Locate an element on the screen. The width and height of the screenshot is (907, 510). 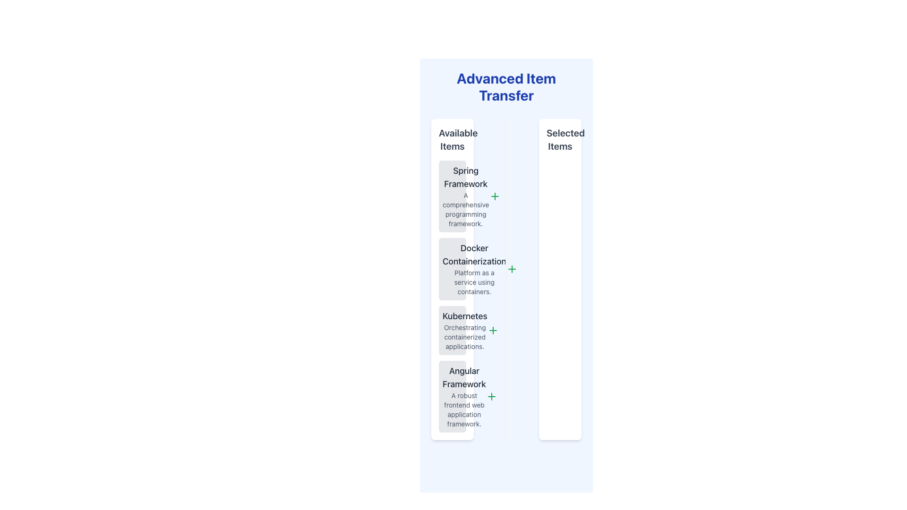
text content of the label displaying 'Orchestrating containerized applications.' located below the title 'Kubernetes' in the 'Available Items' section is located at coordinates (465, 336).